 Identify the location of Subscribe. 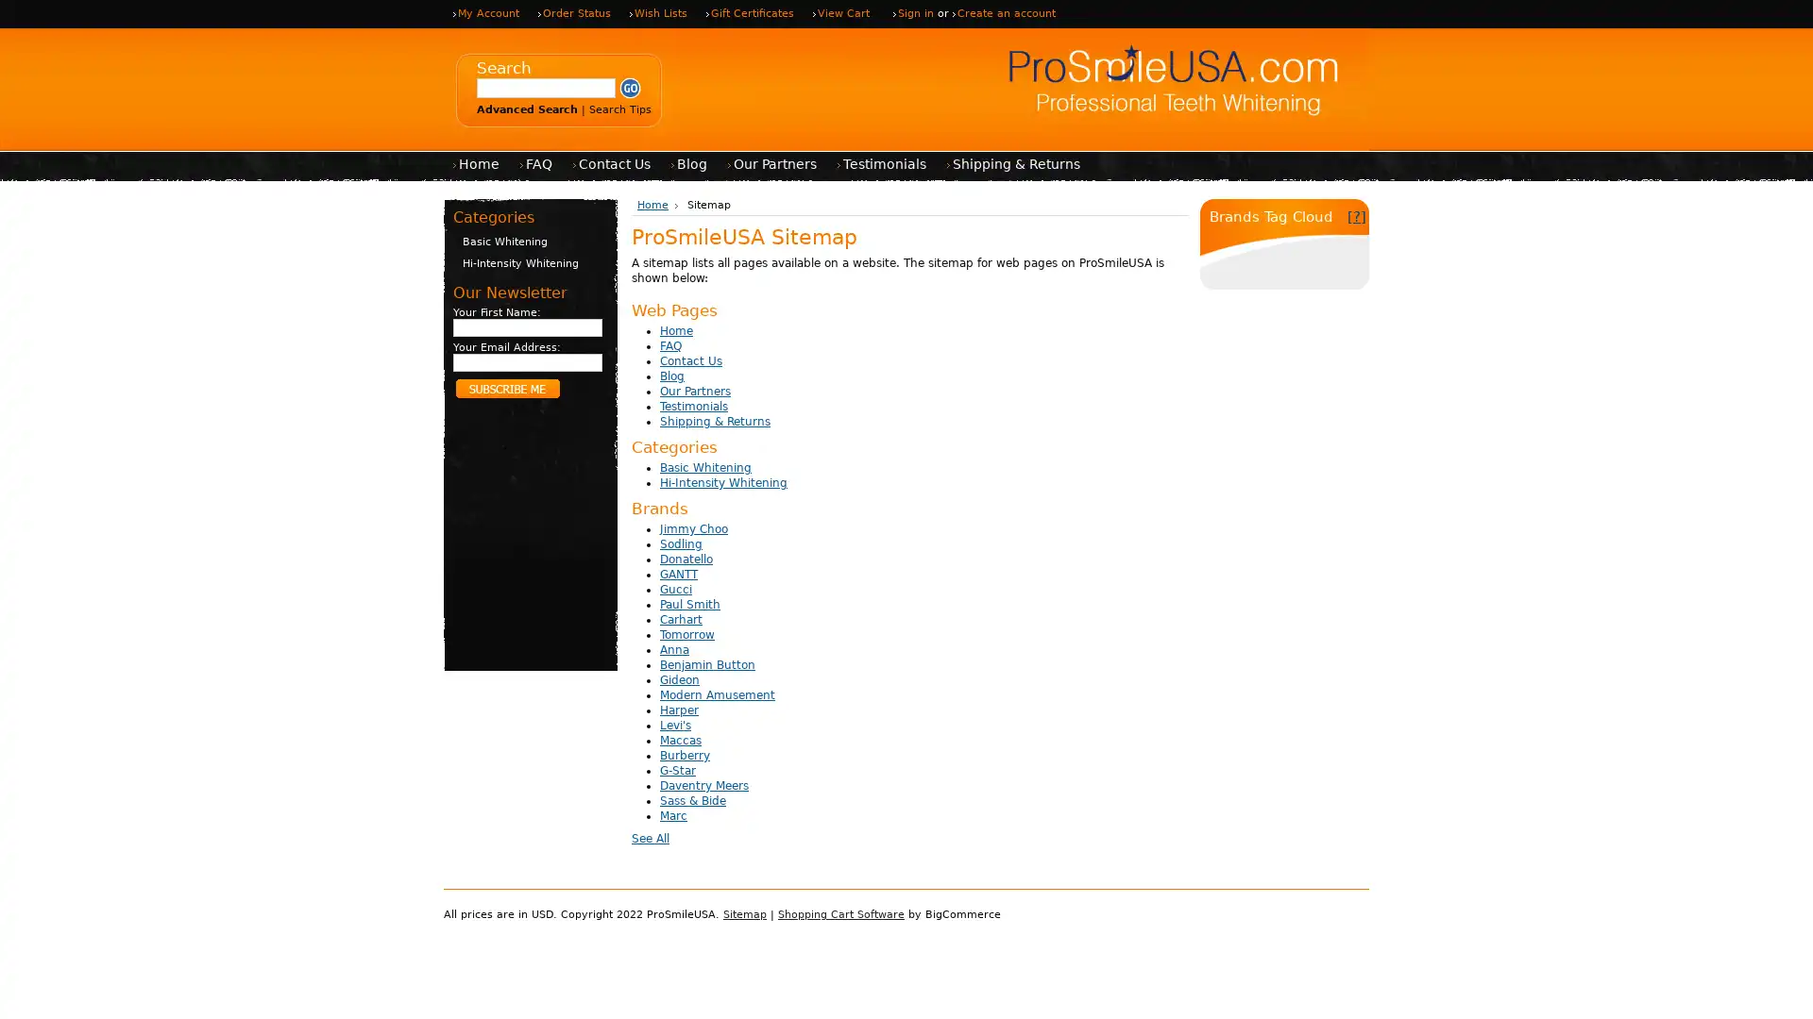
(507, 388).